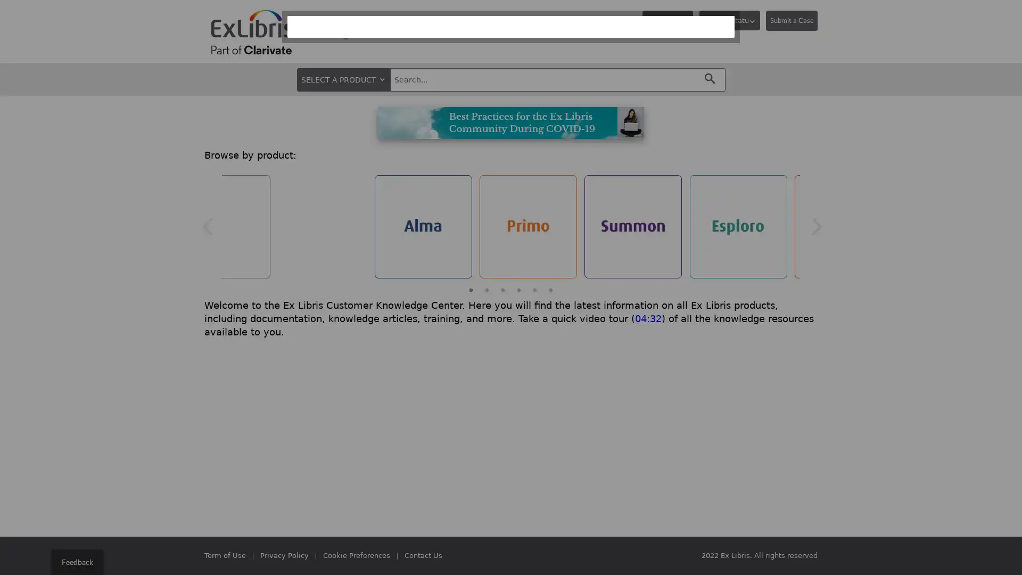  What do you see at coordinates (502, 290) in the screenshot?
I see `3` at bounding box center [502, 290].